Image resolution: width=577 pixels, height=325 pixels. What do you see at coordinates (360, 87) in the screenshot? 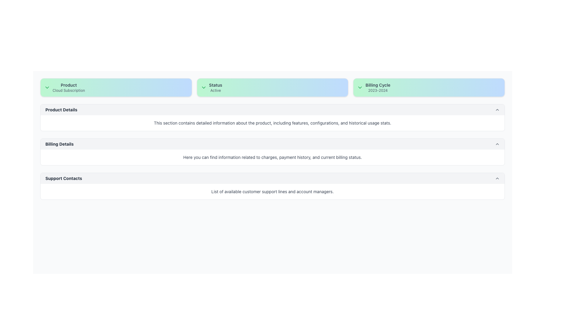
I see `the downward-pointing chevron icon` at bounding box center [360, 87].